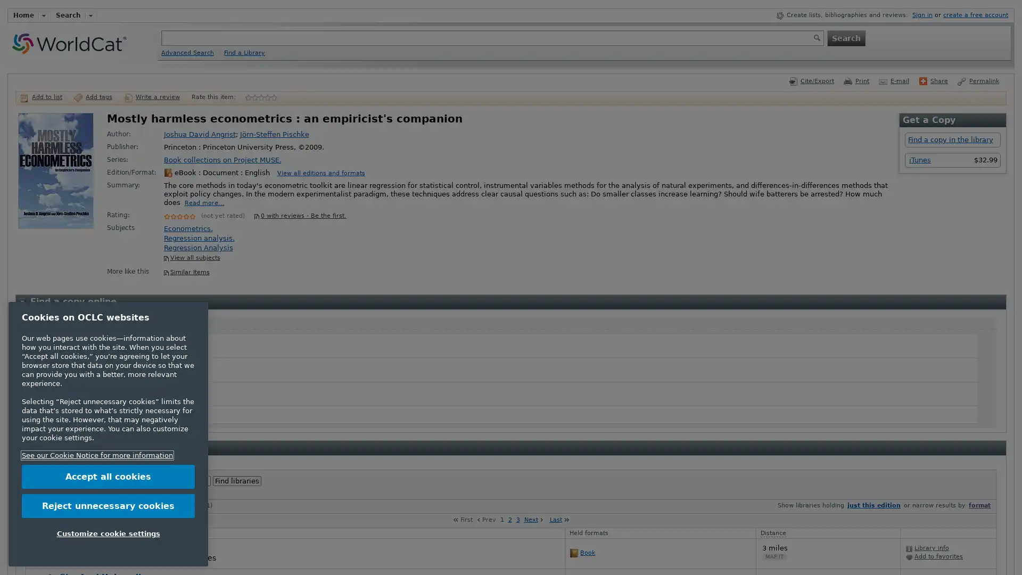 The image size is (1022, 575). Describe the element at coordinates (108, 505) in the screenshot. I see `Reject unnecessary cookies` at that location.